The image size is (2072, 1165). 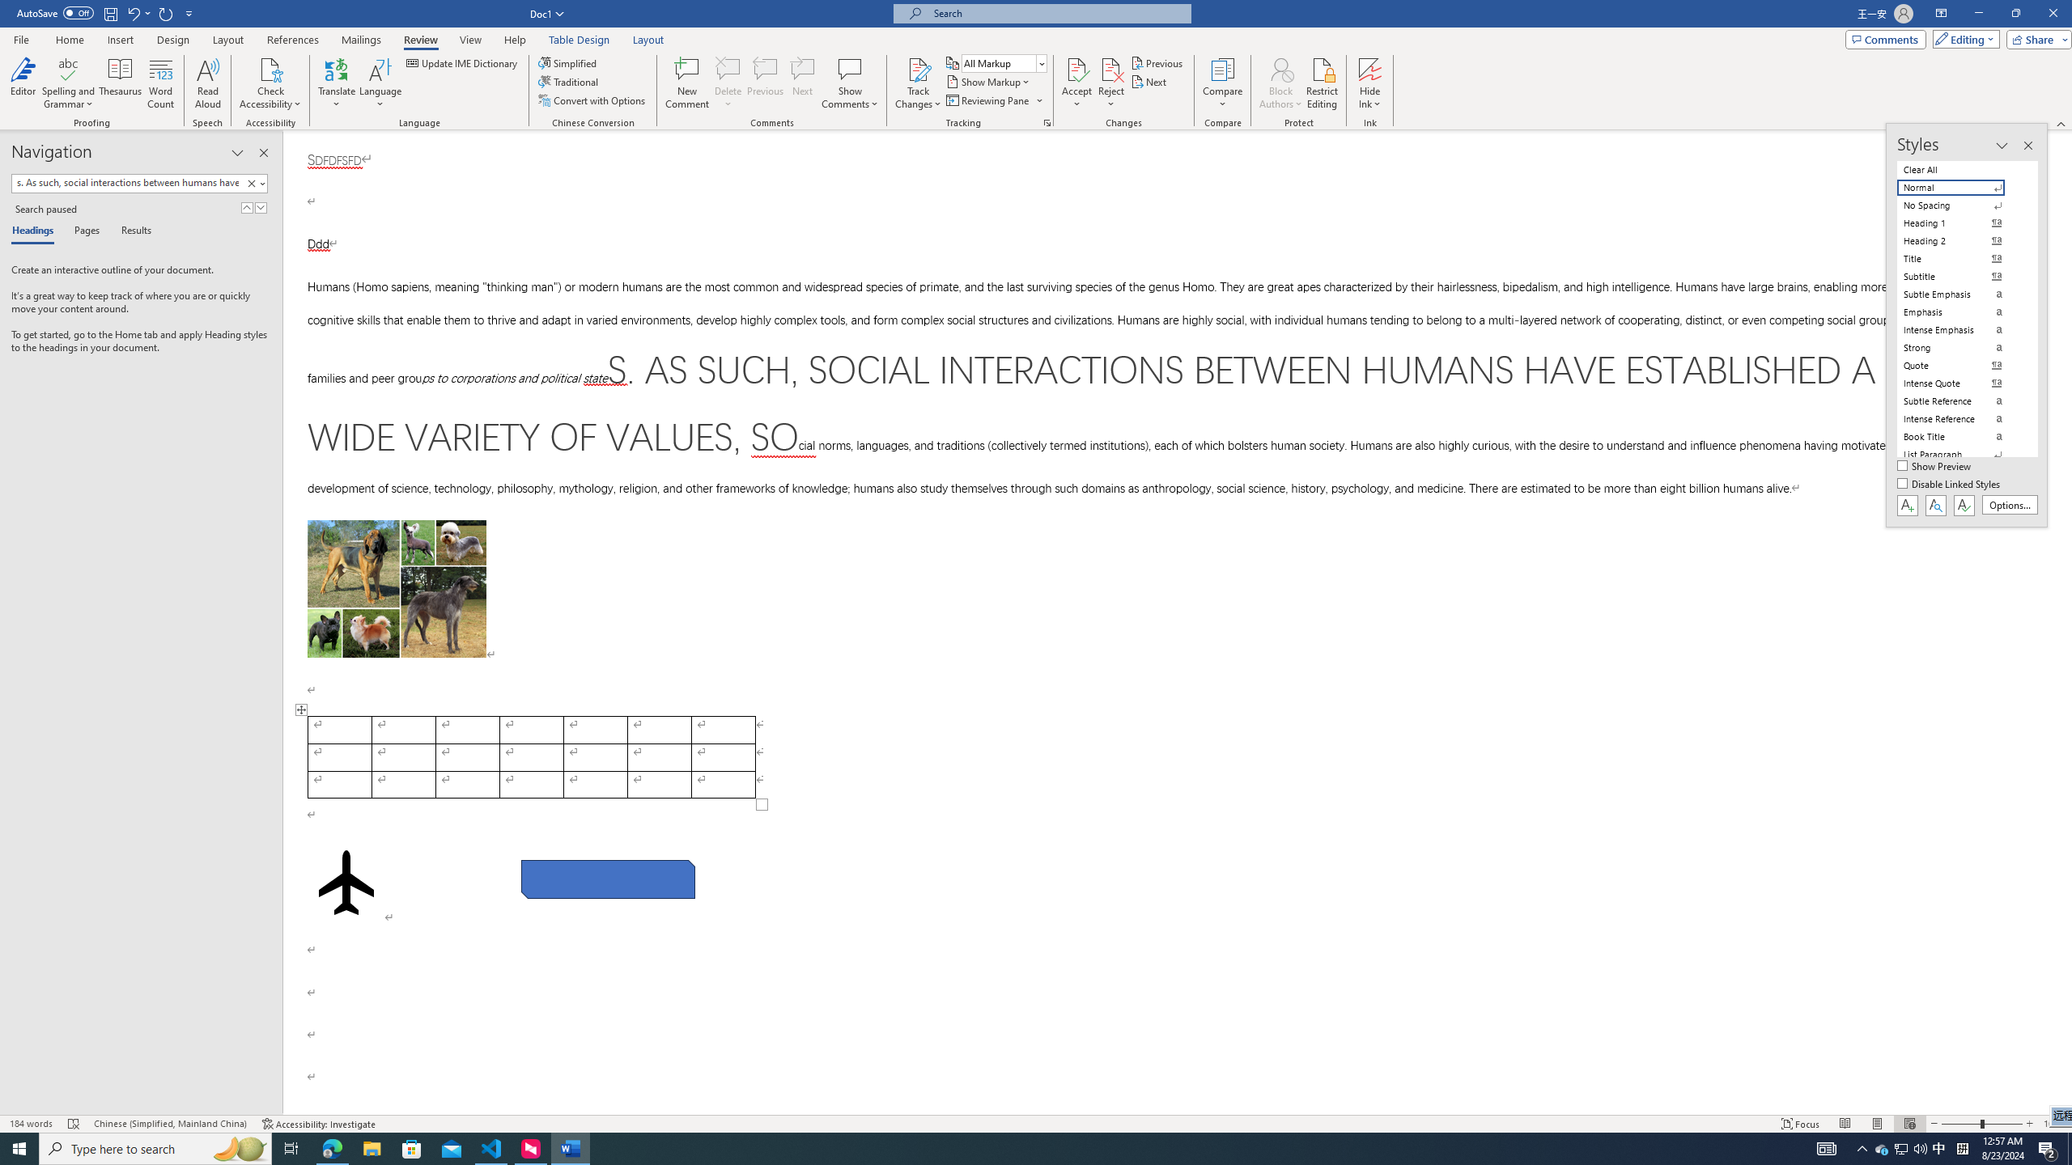 What do you see at coordinates (849, 83) in the screenshot?
I see `'Show Comments'` at bounding box center [849, 83].